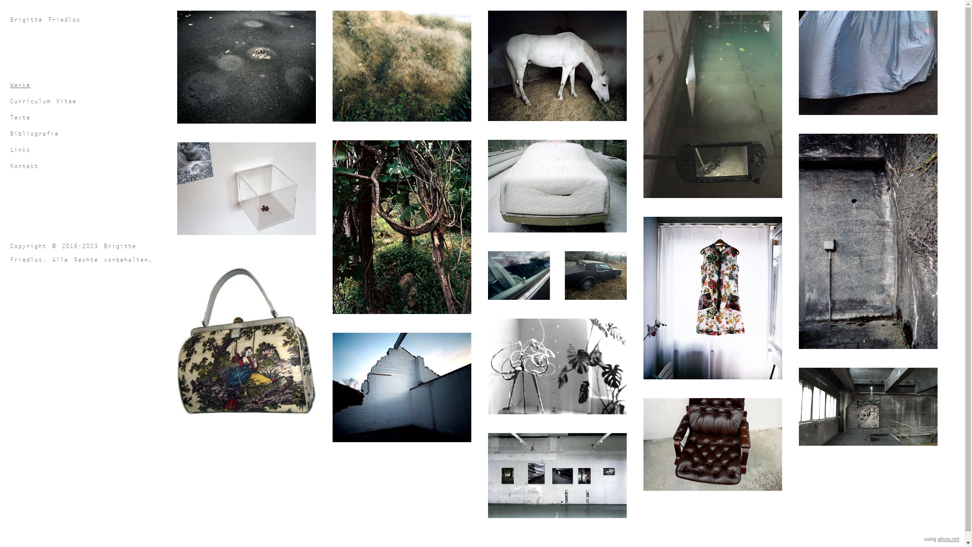  I want to click on 'allyou.net', so click(948, 538).